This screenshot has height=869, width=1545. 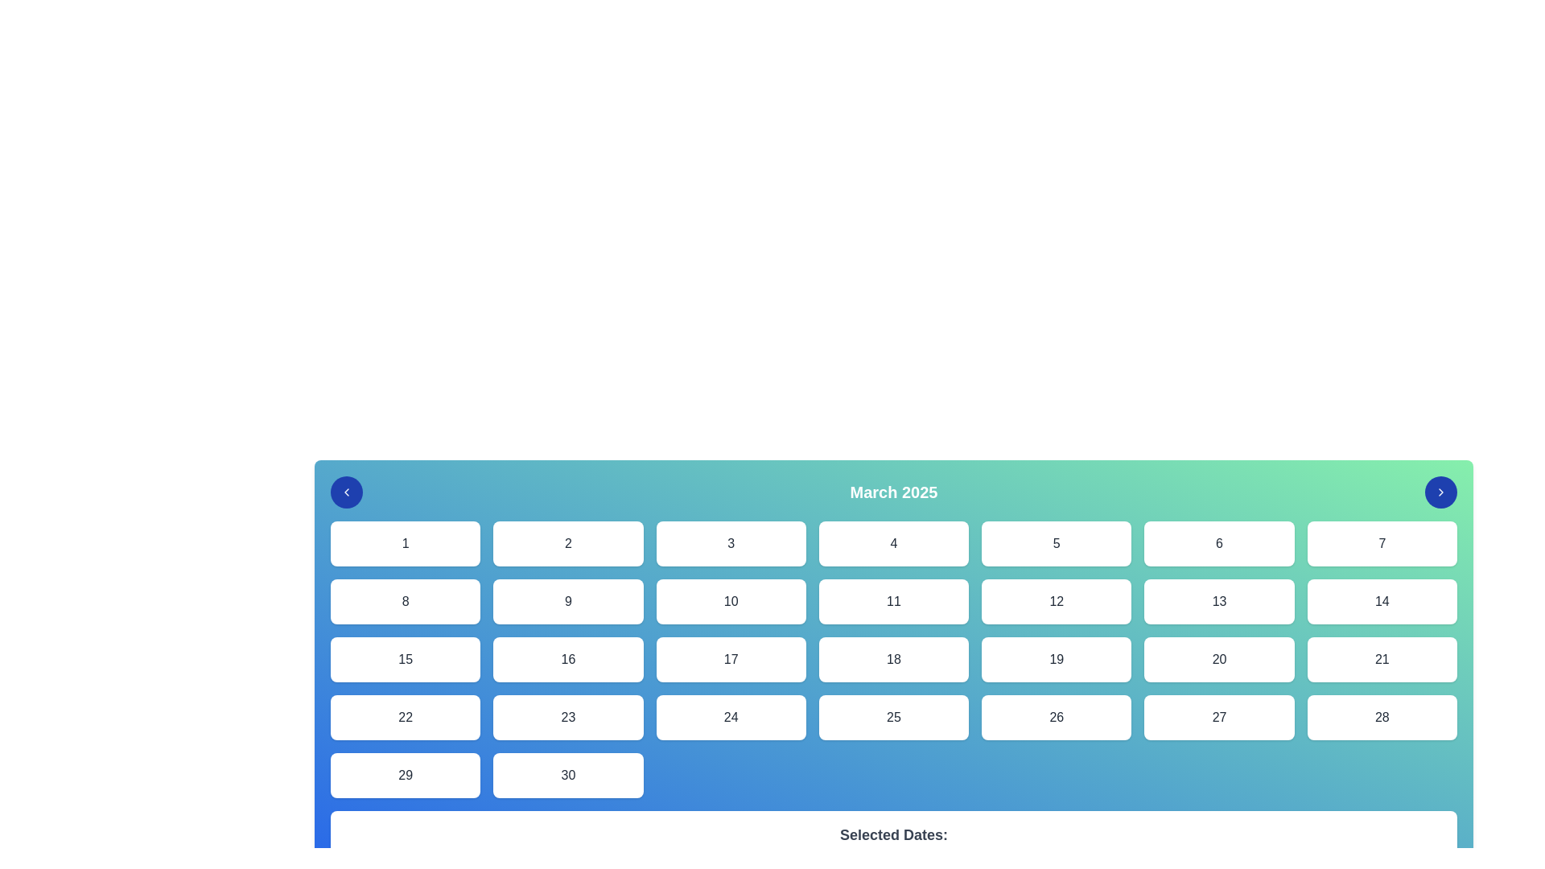 I want to click on the button labeled '7' using keyboard navigation, so click(x=1381, y=543).